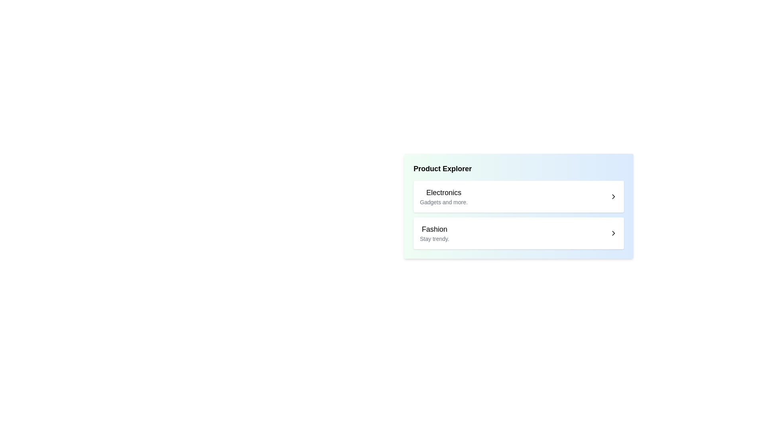 The image size is (765, 430). What do you see at coordinates (613, 196) in the screenshot?
I see `the right-facing chevron icon, which is a minimalistic triangular arrow located on the right edge of the first list item under 'Product Explorer'` at bounding box center [613, 196].